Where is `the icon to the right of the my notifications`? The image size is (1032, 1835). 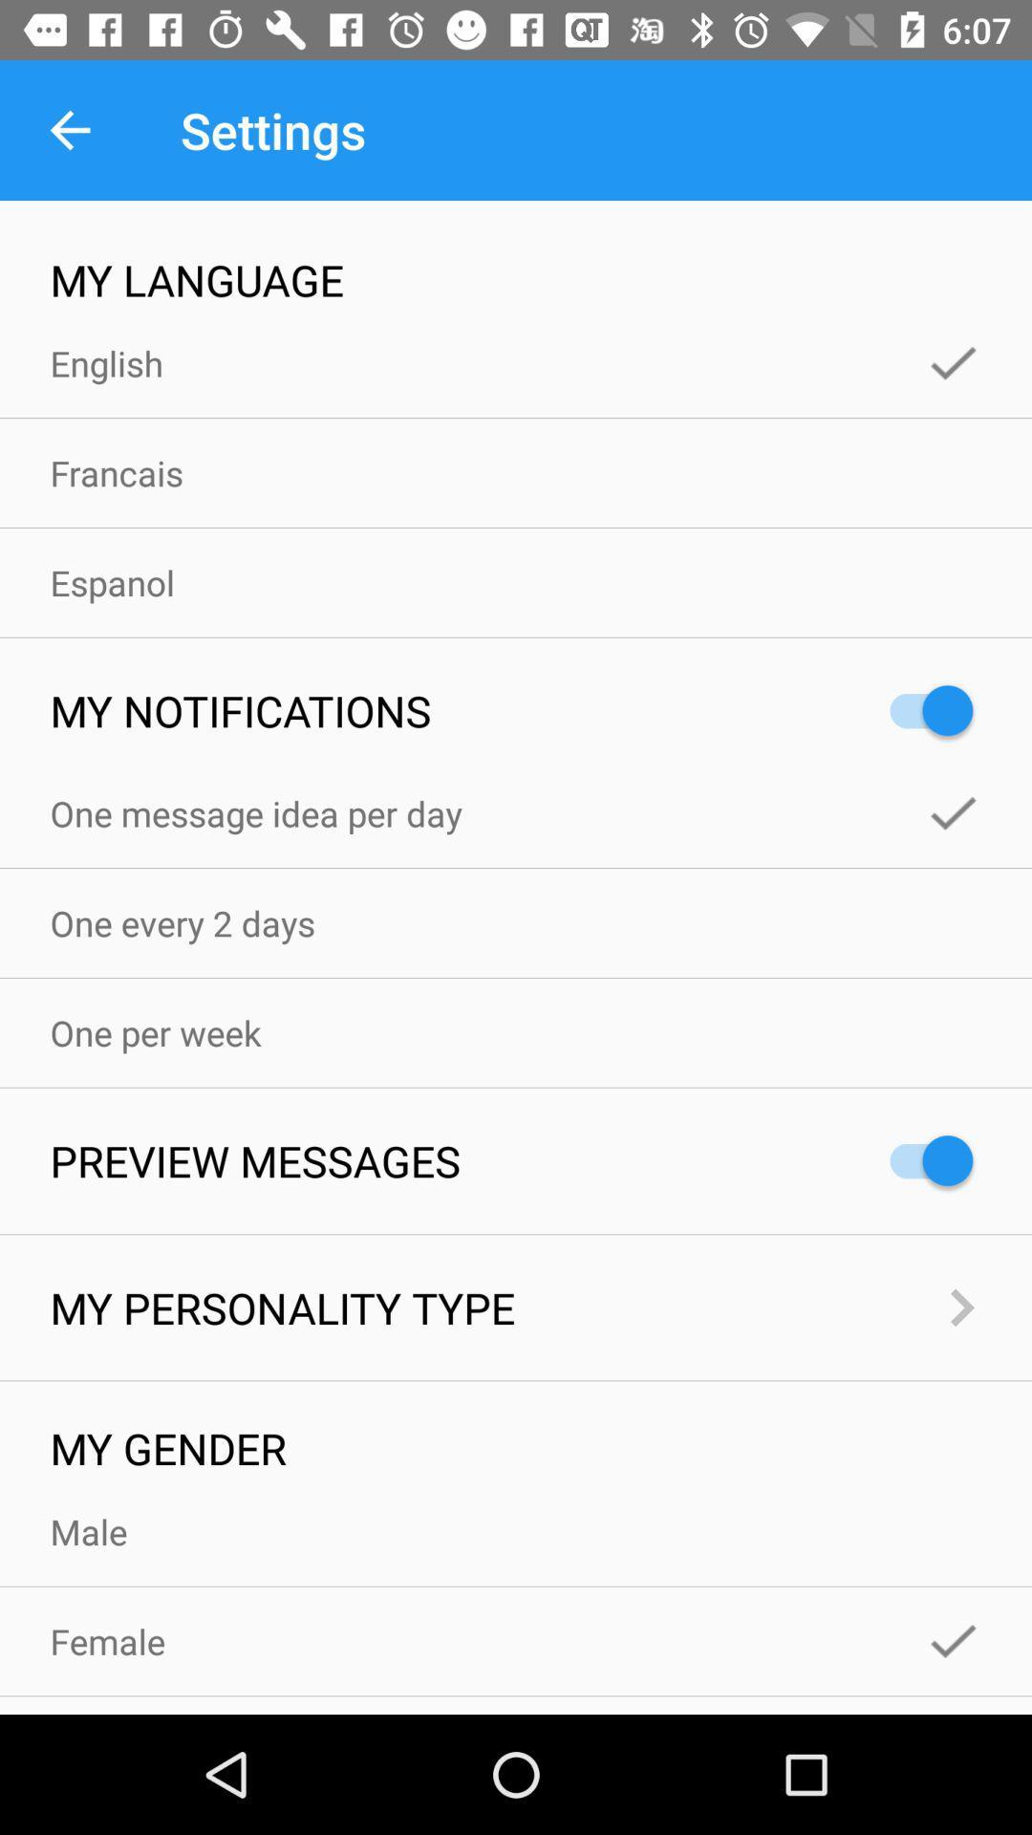 the icon to the right of the my notifications is located at coordinates (921, 709).